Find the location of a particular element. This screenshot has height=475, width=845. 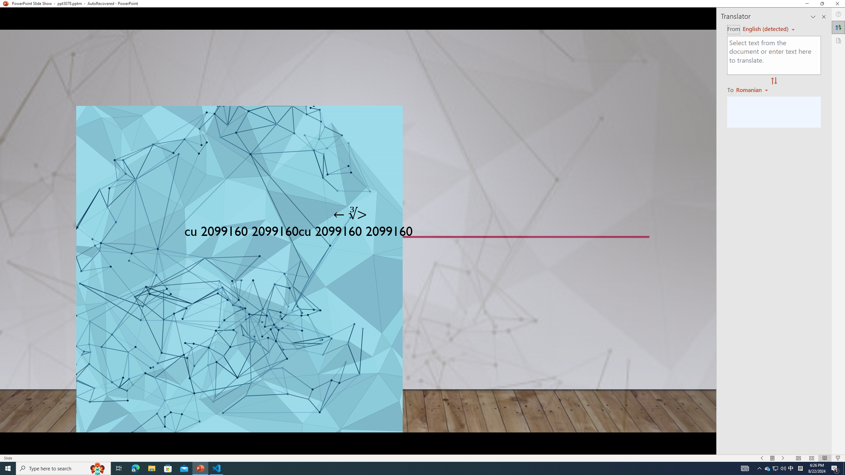

'Menu On' is located at coordinates (772, 458).